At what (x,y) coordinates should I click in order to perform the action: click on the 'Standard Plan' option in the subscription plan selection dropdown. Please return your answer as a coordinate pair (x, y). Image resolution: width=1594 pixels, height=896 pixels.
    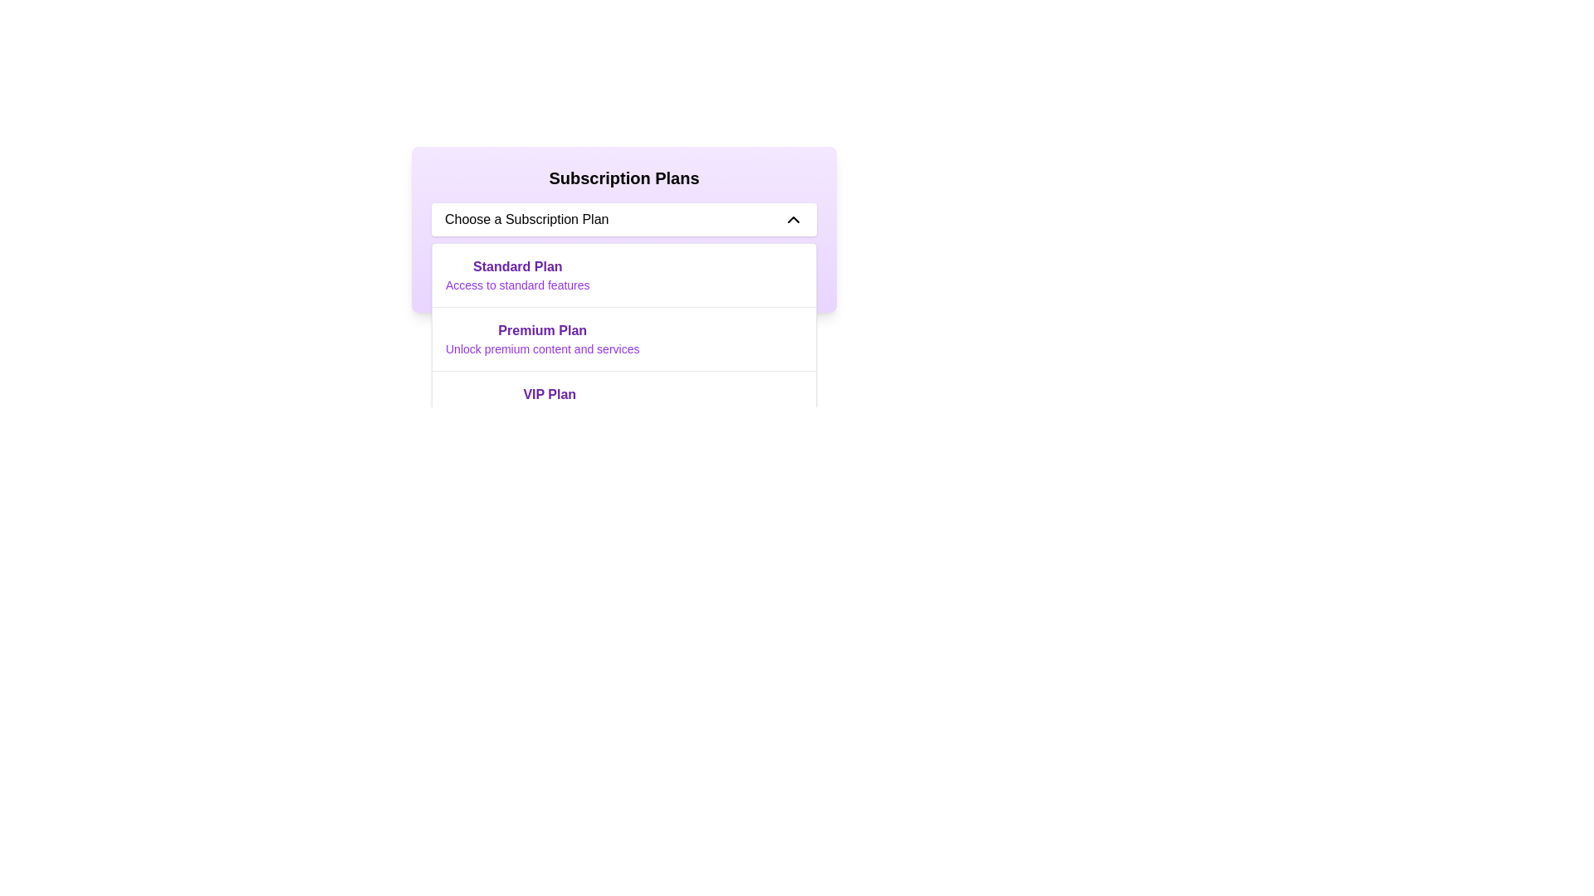
    Looking at the image, I should click on (623, 274).